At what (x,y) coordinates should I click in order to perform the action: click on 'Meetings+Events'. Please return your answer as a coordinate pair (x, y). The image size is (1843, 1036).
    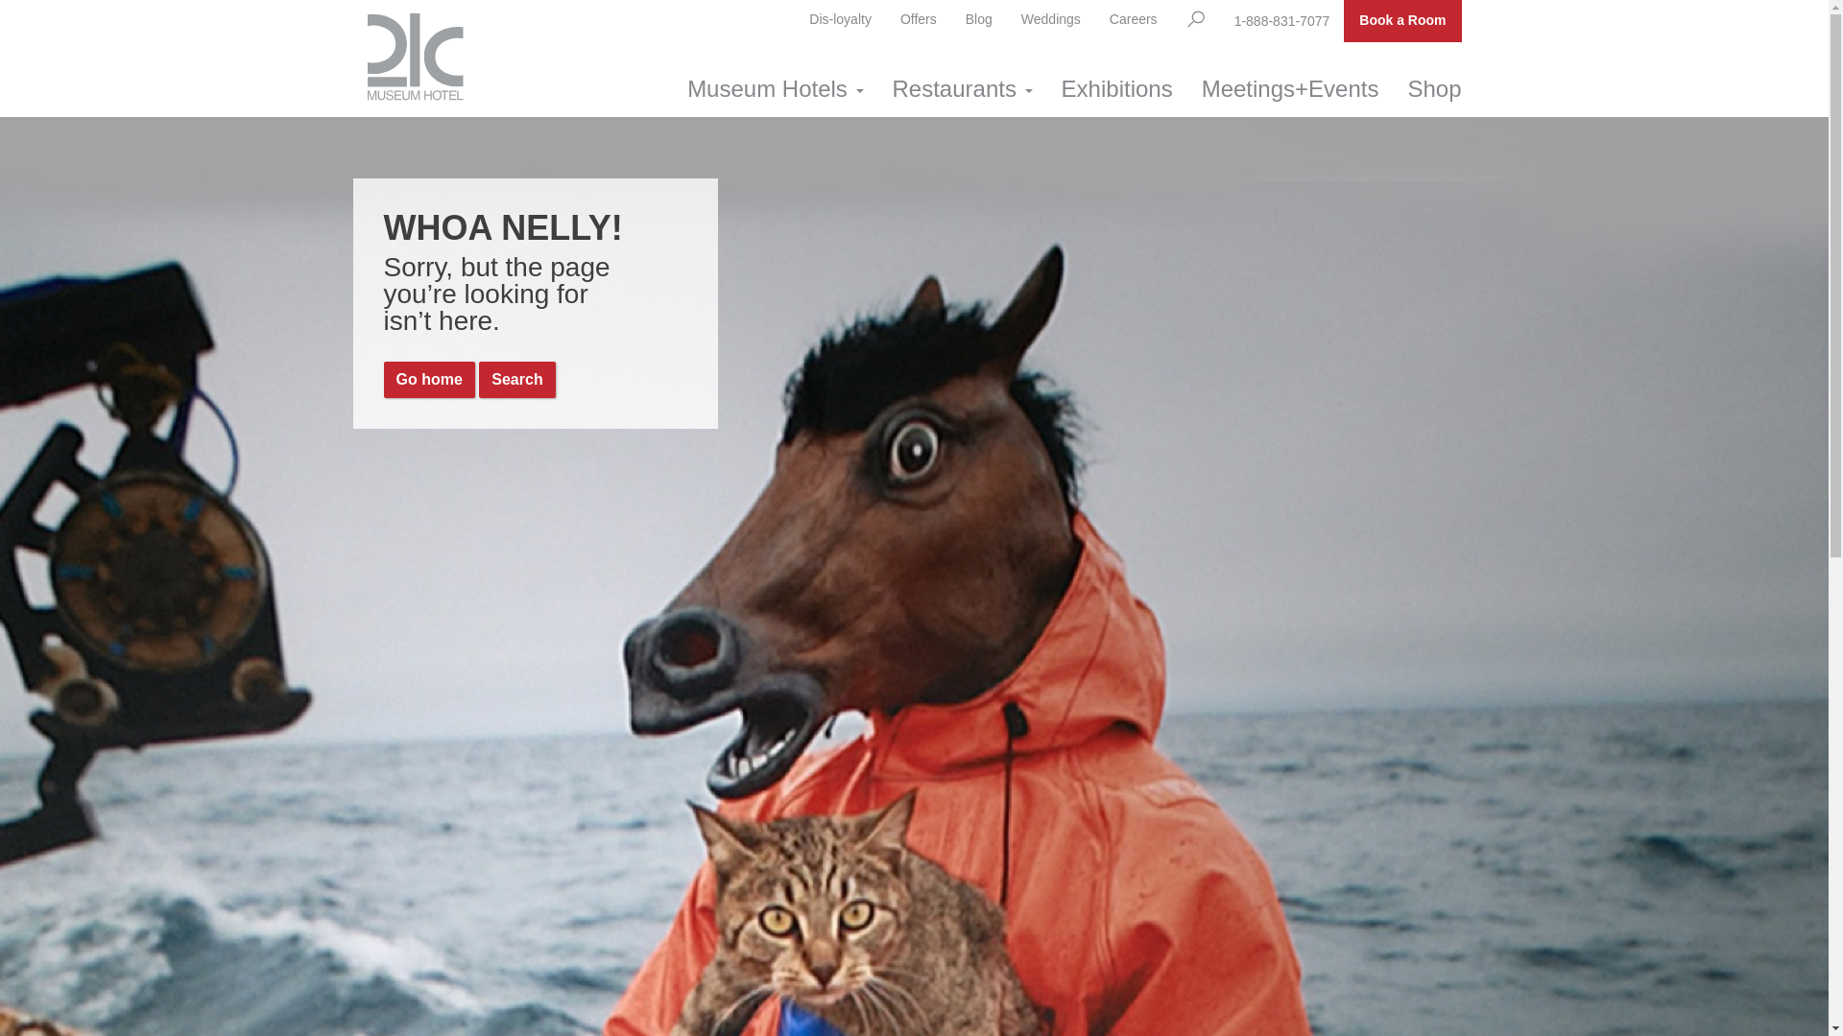
    Looking at the image, I should click on (1290, 88).